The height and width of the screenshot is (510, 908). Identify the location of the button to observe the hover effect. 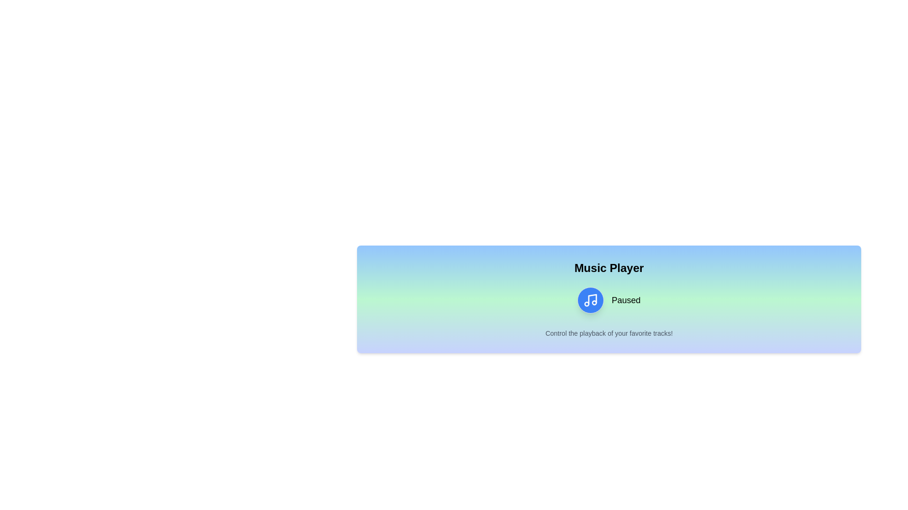
(590, 300).